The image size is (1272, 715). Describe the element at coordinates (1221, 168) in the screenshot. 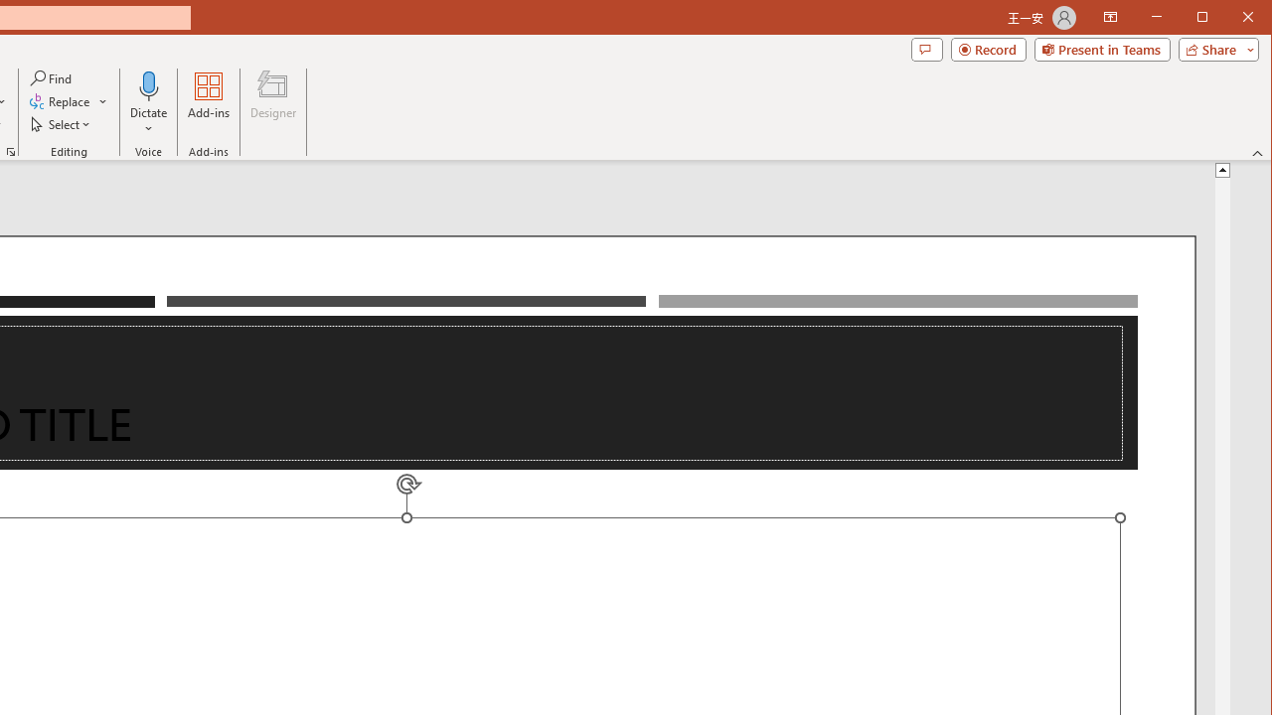

I see `'Line up'` at that location.